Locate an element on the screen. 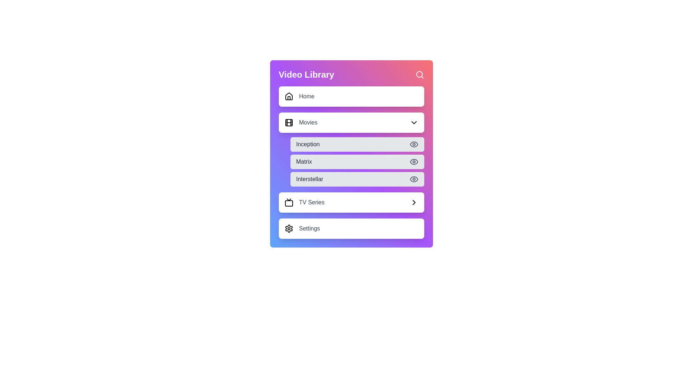  the settings icon located at the bottom of the 'Video Library' panel, which is visually distinct with a red and black color scheme is located at coordinates (288, 228).